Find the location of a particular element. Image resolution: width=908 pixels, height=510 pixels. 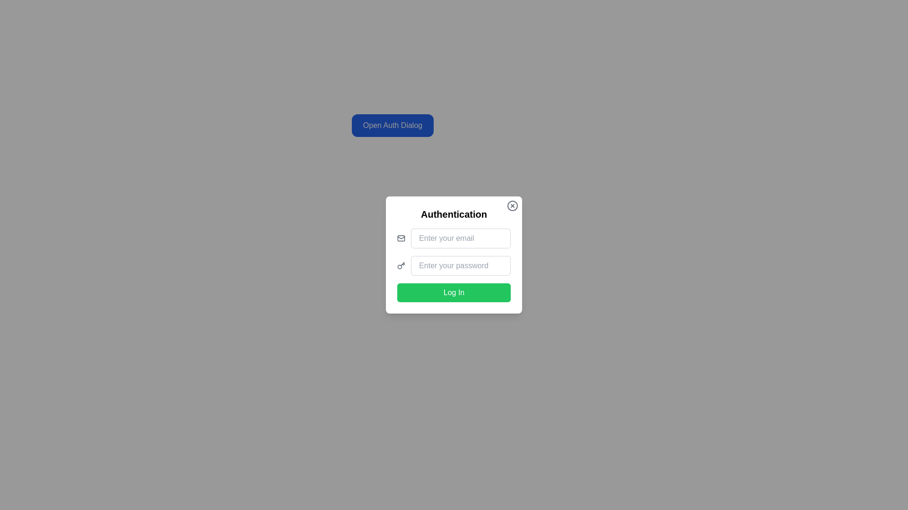

the small gray key icon located on the left side of the password input field within the authentication dialog is located at coordinates (401, 266).